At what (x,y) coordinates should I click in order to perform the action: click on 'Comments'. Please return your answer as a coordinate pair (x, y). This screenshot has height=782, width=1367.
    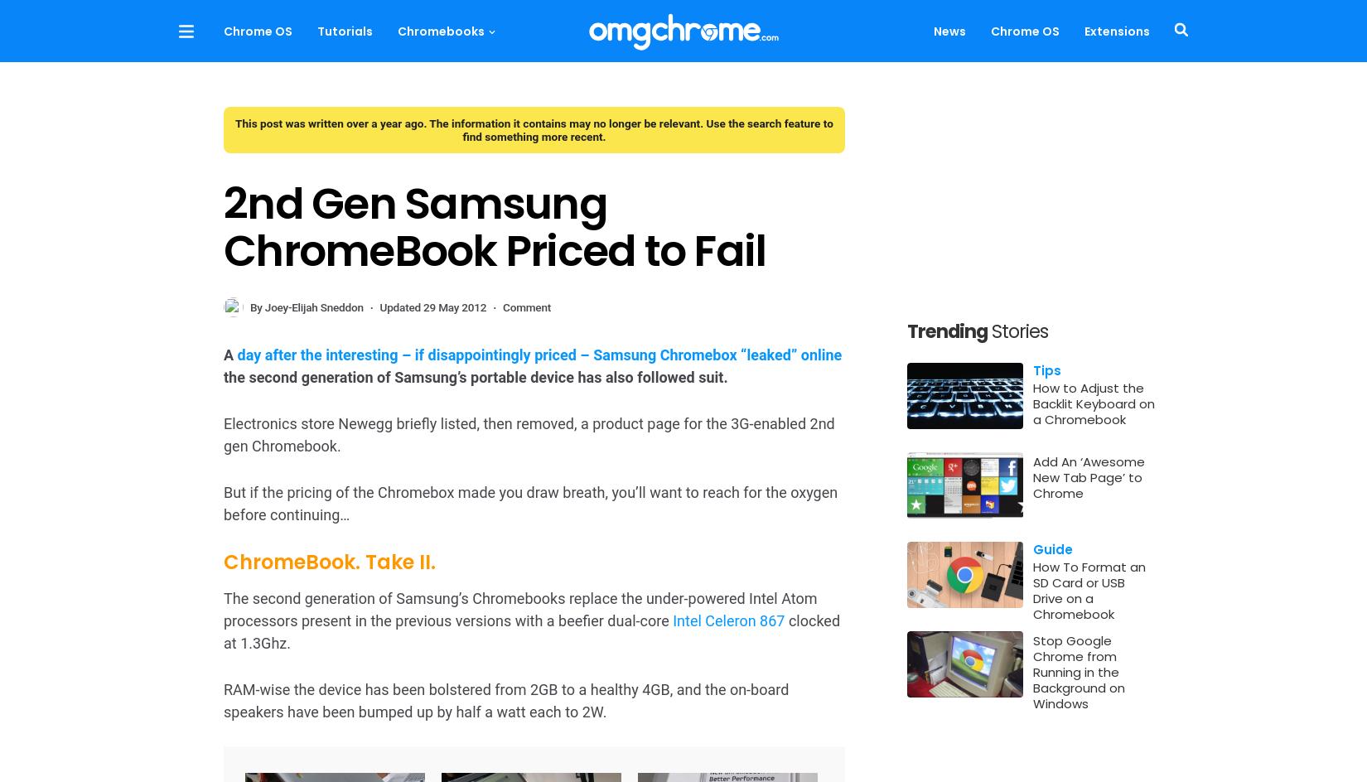
    Looking at the image, I should click on (1014, 601).